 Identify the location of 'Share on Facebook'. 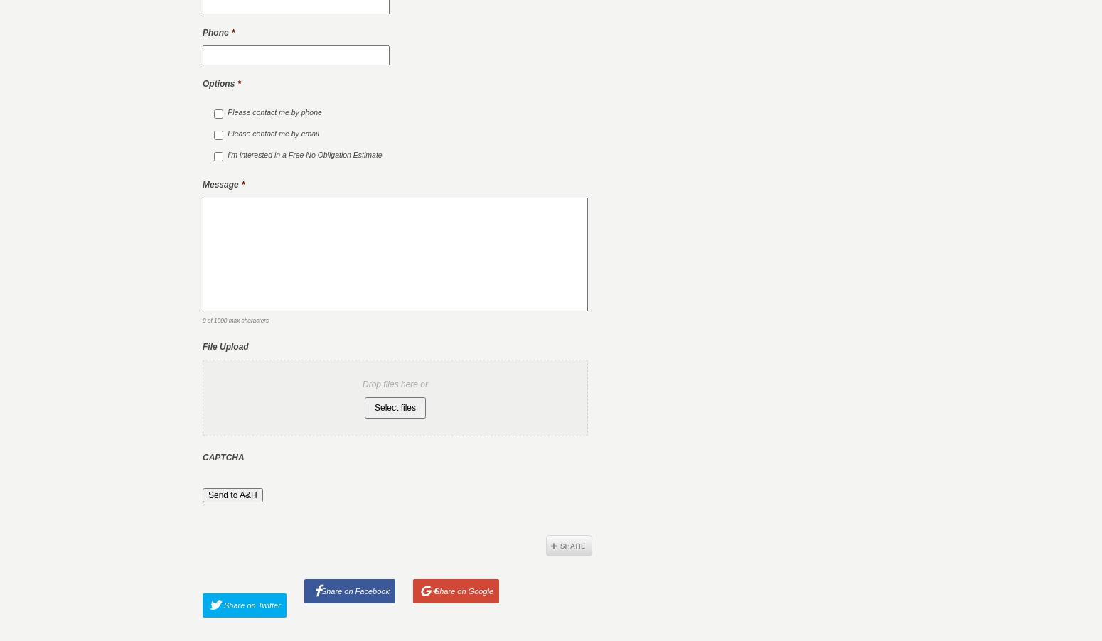
(353, 591).